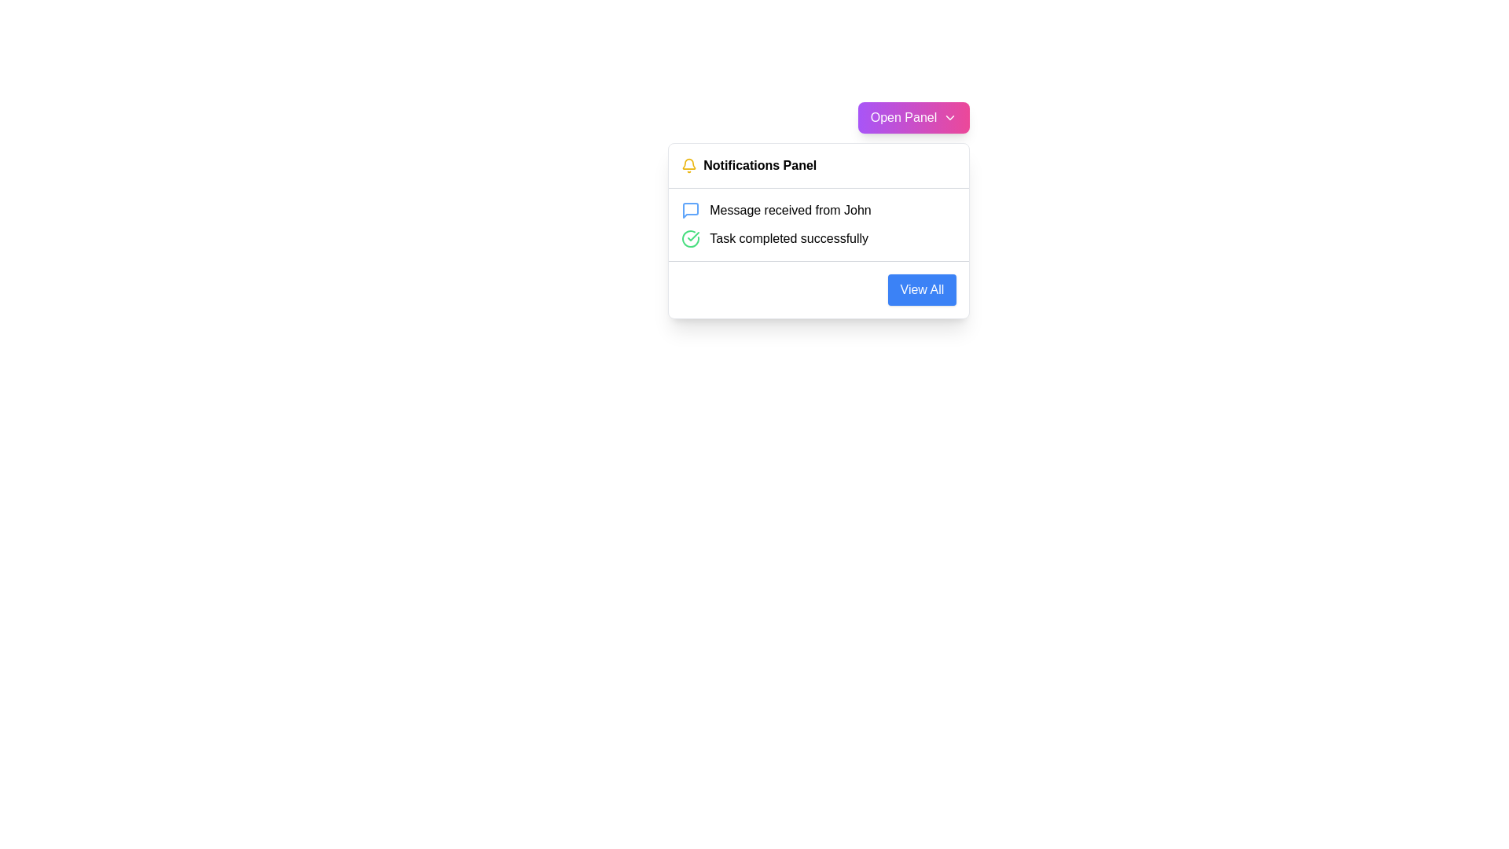  What do you see at coordinates (818, 230) in the screenshot?
I see `the notification dropdown panel items` at bounding box center [818, 230].